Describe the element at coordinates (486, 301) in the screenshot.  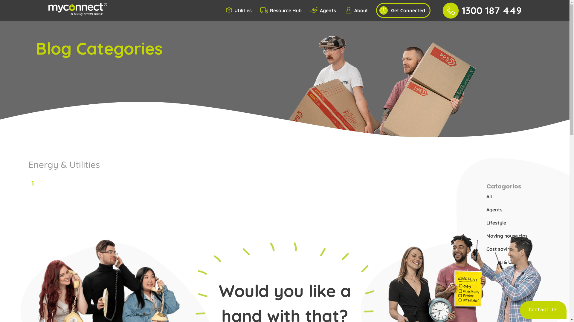
I see `'Summer'` at that location.